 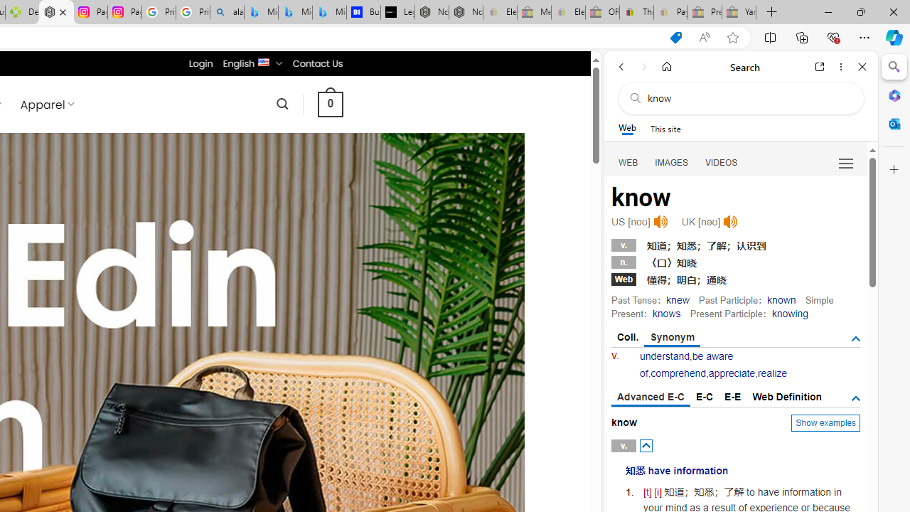 I want to click on 'English', so click(x=264, y=60).